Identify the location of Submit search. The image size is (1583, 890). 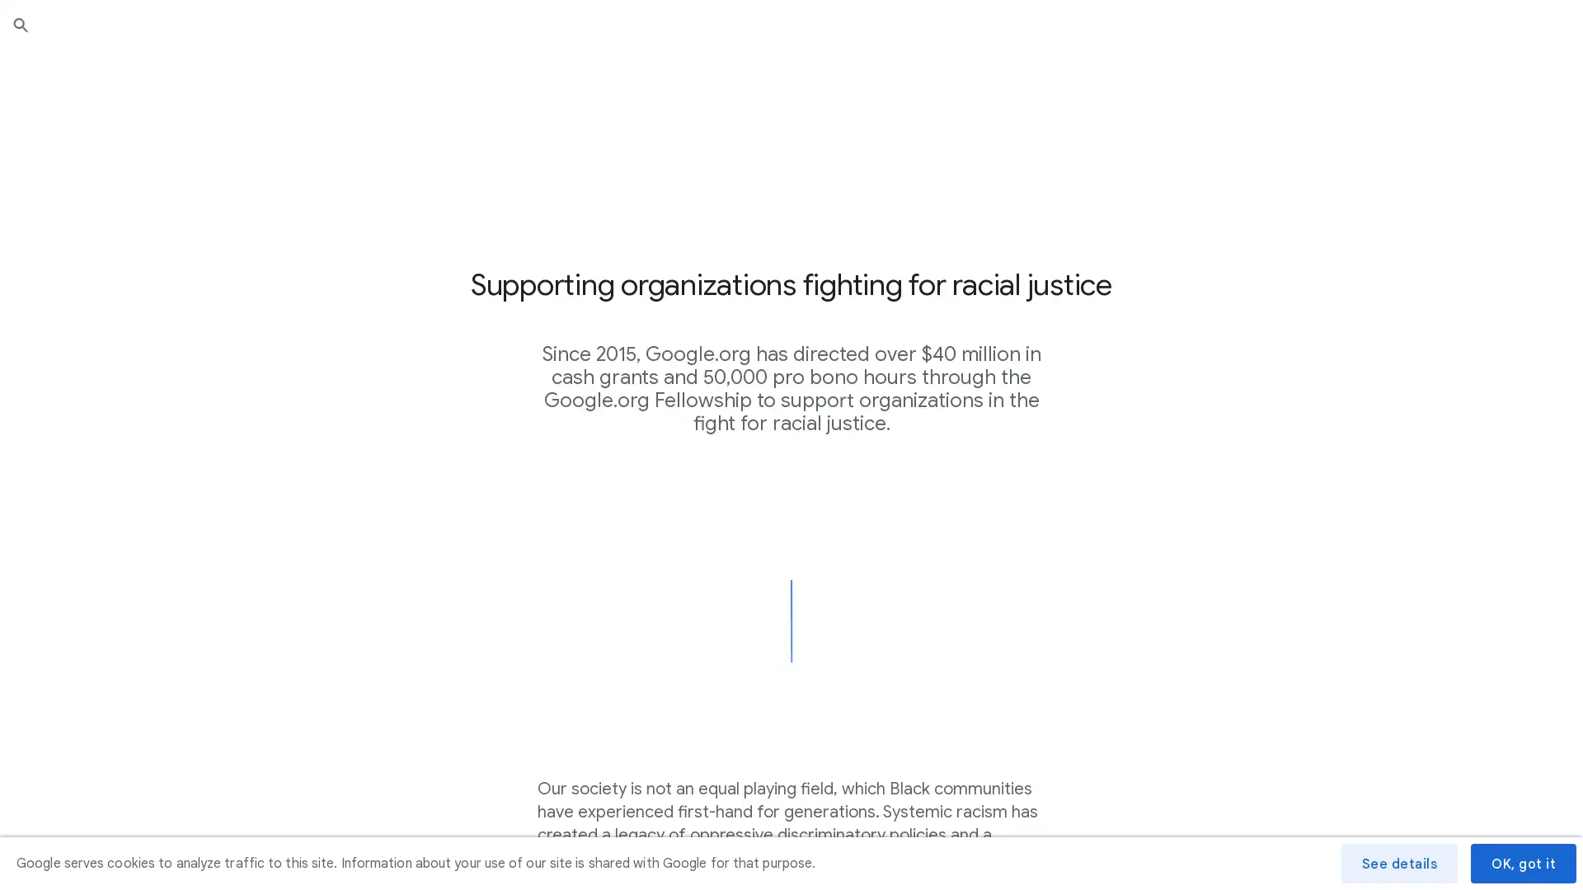
(1543, 28).